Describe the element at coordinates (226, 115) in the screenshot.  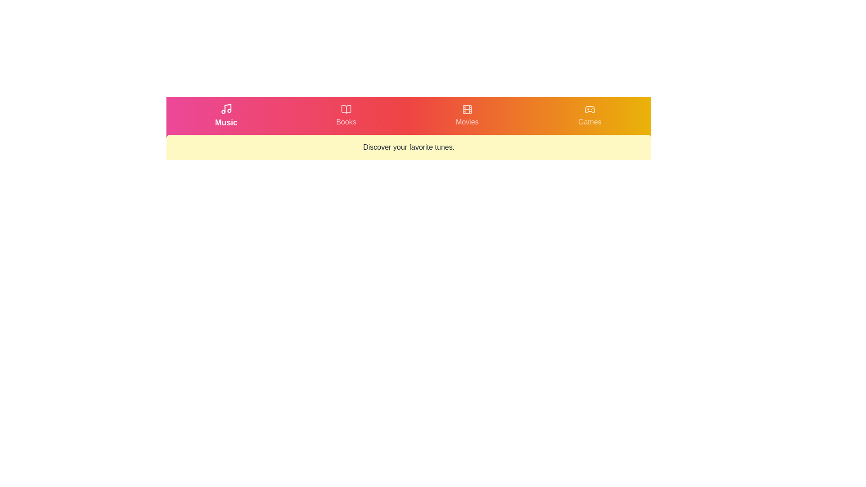
I see `the tab labeled Music by clicking on its respective button` at that location.